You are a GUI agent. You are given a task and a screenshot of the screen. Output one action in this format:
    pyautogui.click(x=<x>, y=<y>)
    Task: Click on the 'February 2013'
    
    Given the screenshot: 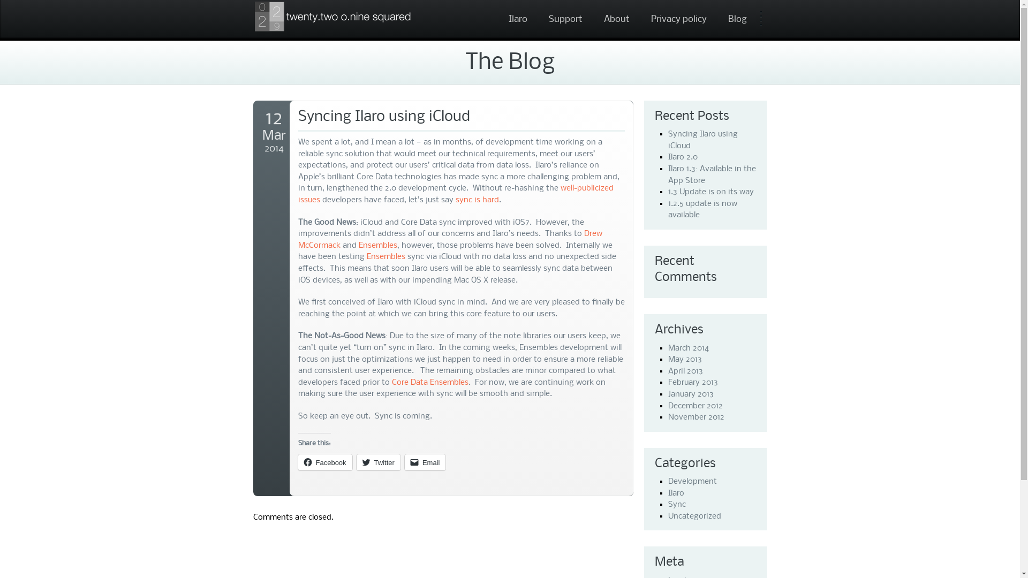 What is the action you would take?
    pyautogui.click(x=693, y=382)
    